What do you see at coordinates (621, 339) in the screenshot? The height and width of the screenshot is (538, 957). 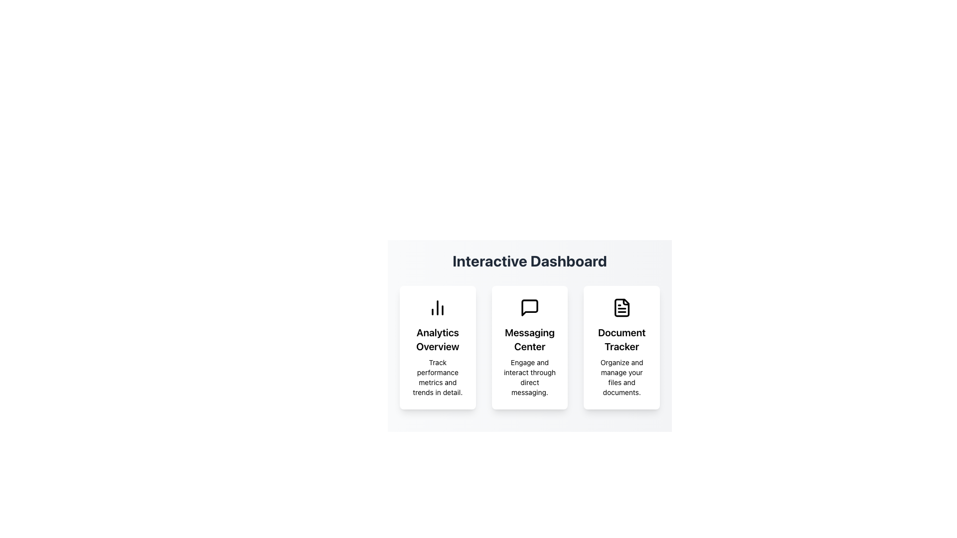 I see `the Text label that serves as the title for the 'Document Tracker' card, located in the center of the rightmost card among three horizontally aligned cards` at bounding box center [621, 339].